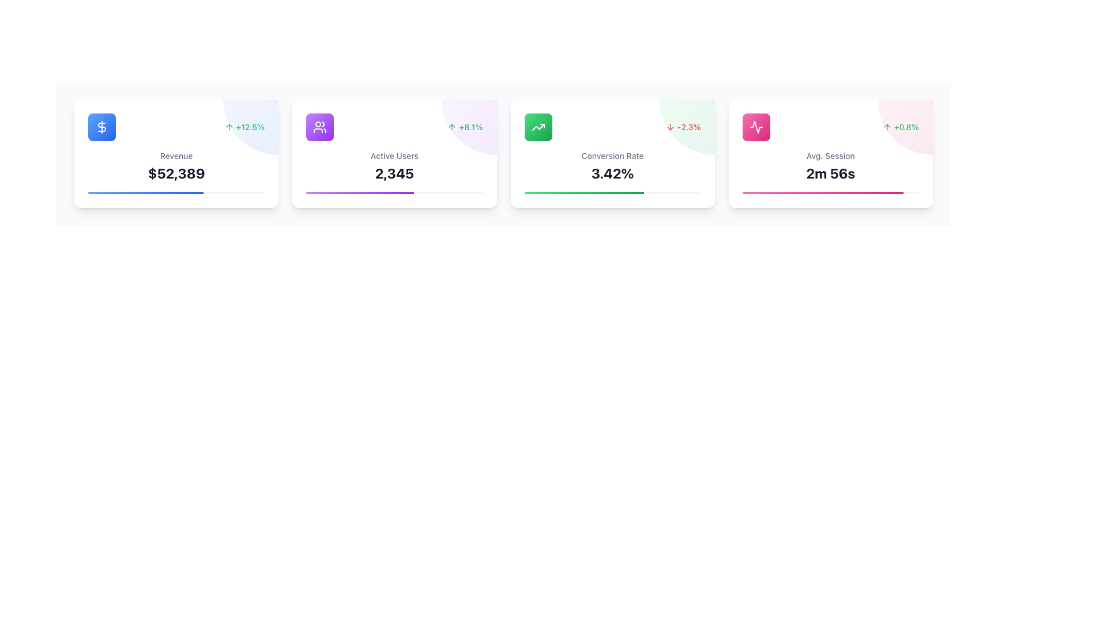 The height and width of the screenshot is (622, 1107). What do you see at coordinates (670, 127) in the screenshot?
I see `downward trend icon located in the 'Conversion Rate' card, which shows a percentage value of '3.42%' and is aligned with the text '-2.3%'` at bounding box center [670, 127].